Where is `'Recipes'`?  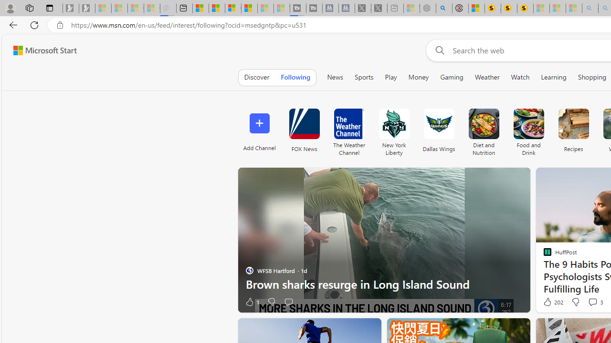 'Recipes' is located at coordinates (573, 123).